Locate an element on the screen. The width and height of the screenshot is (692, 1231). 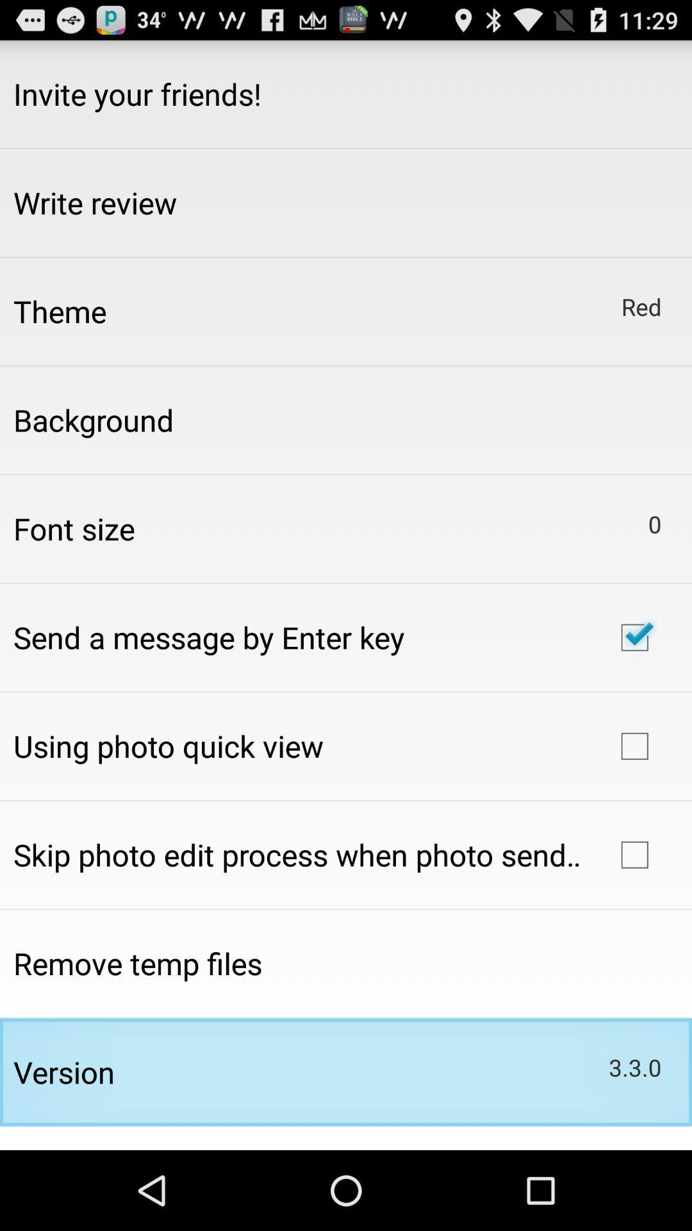
app above using photo quick is located at coordinates (208, 637).